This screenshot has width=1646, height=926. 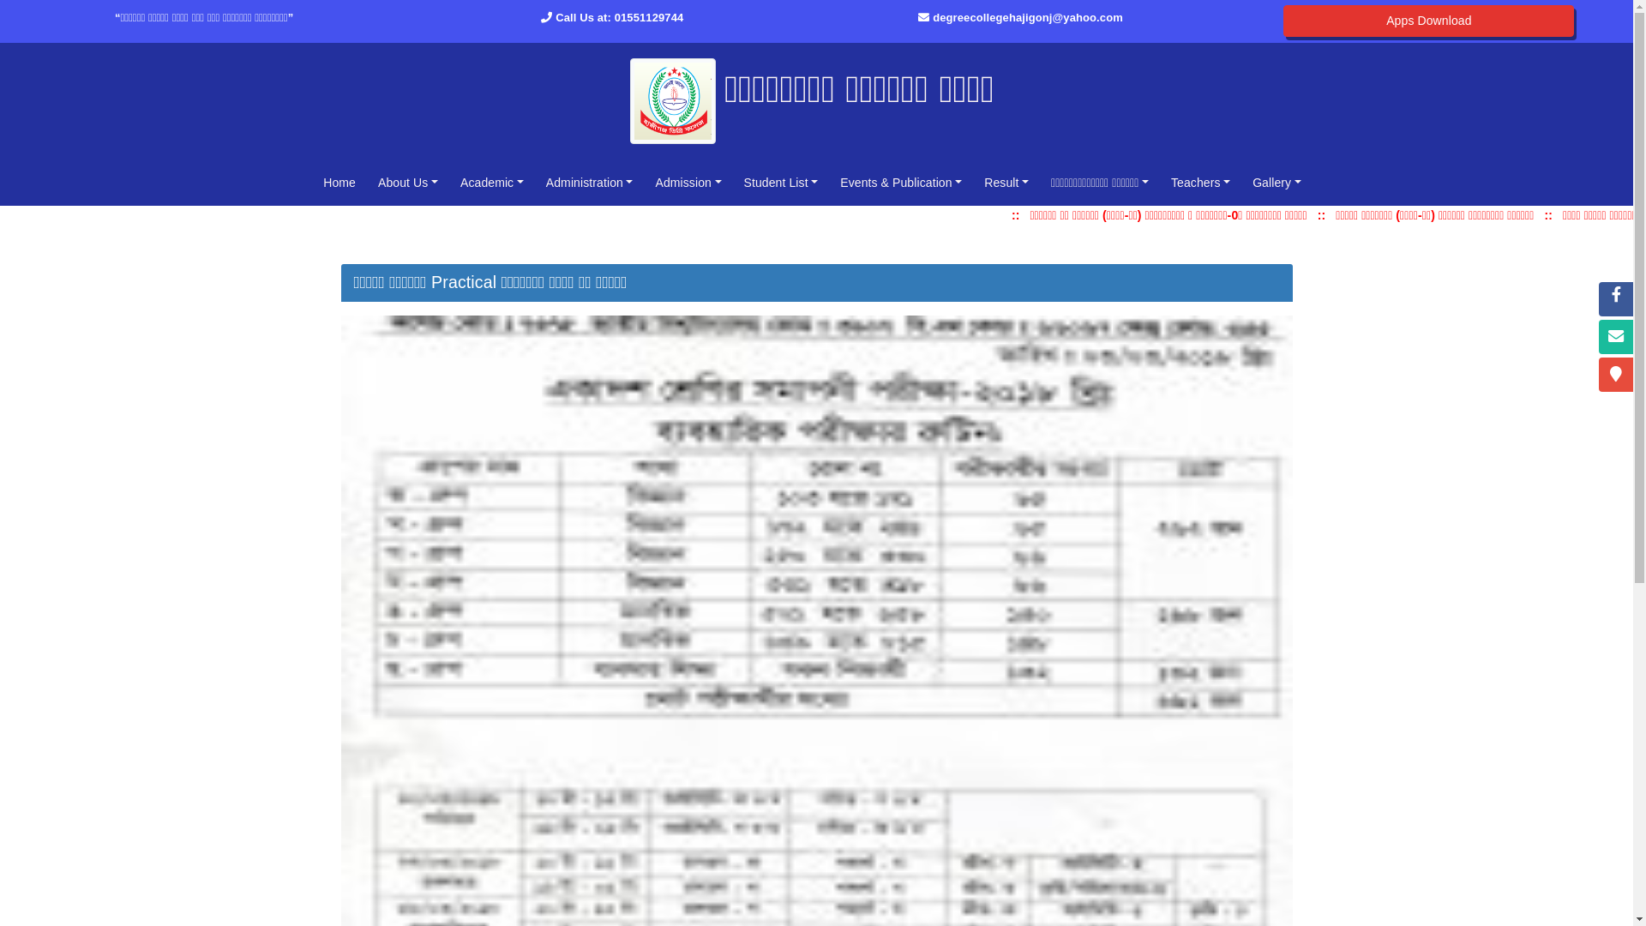 I want to click on '01551129744', so click(x=648, y=17).